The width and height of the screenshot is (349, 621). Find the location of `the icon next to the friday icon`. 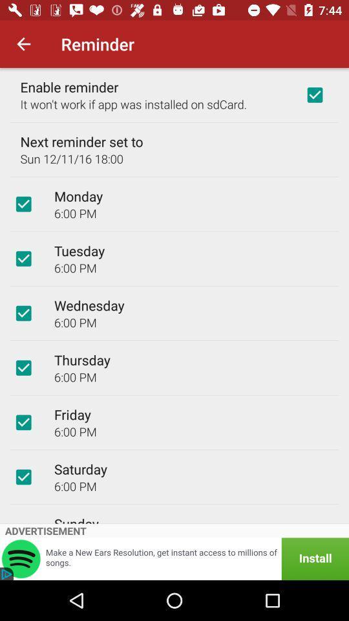

the icon next to the friday icon is located at coordinates (23, 422).